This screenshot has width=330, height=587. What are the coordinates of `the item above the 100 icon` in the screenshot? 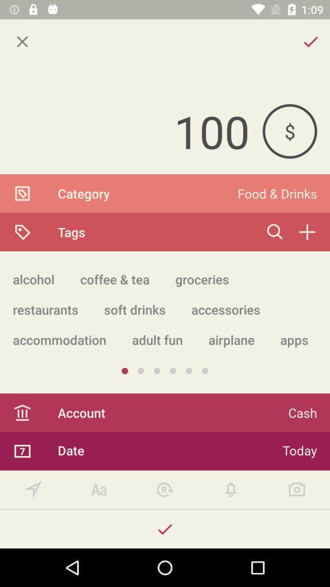 It's located at (22, 42).